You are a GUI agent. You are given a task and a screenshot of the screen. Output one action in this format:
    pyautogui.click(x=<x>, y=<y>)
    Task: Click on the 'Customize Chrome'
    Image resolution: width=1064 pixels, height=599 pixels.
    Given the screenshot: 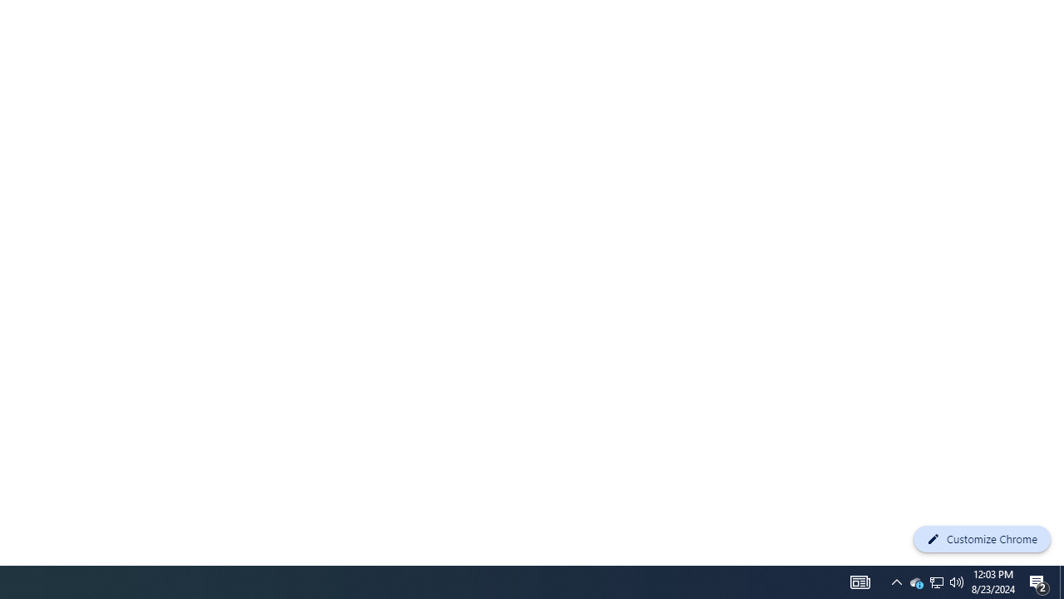 What is the action you would take?
    pyautogui.click(x=982, y=539)
    